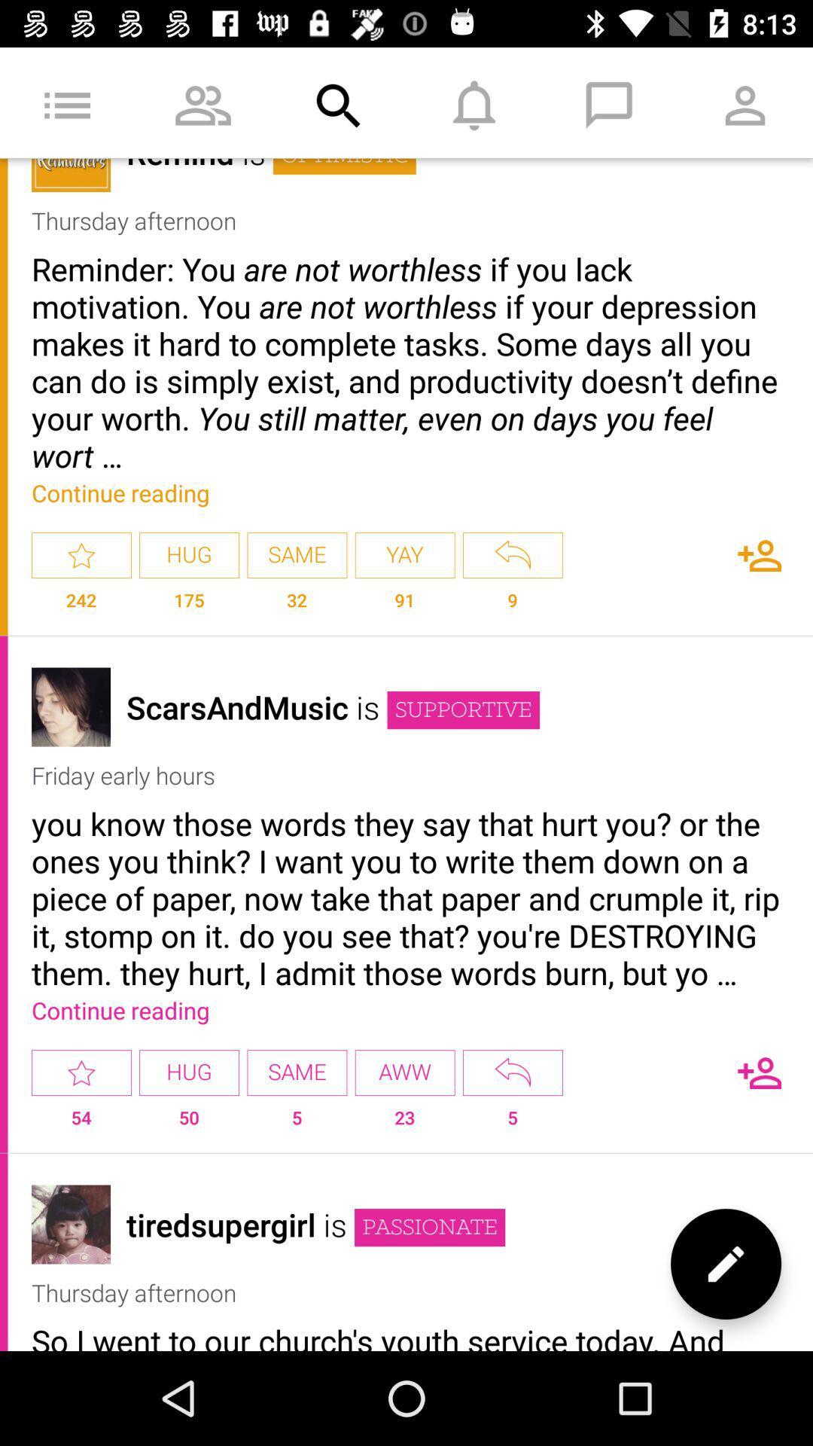 The image size is (813, 1446). I want to click on the icon to the left of hug icon, so click(81, 1124).